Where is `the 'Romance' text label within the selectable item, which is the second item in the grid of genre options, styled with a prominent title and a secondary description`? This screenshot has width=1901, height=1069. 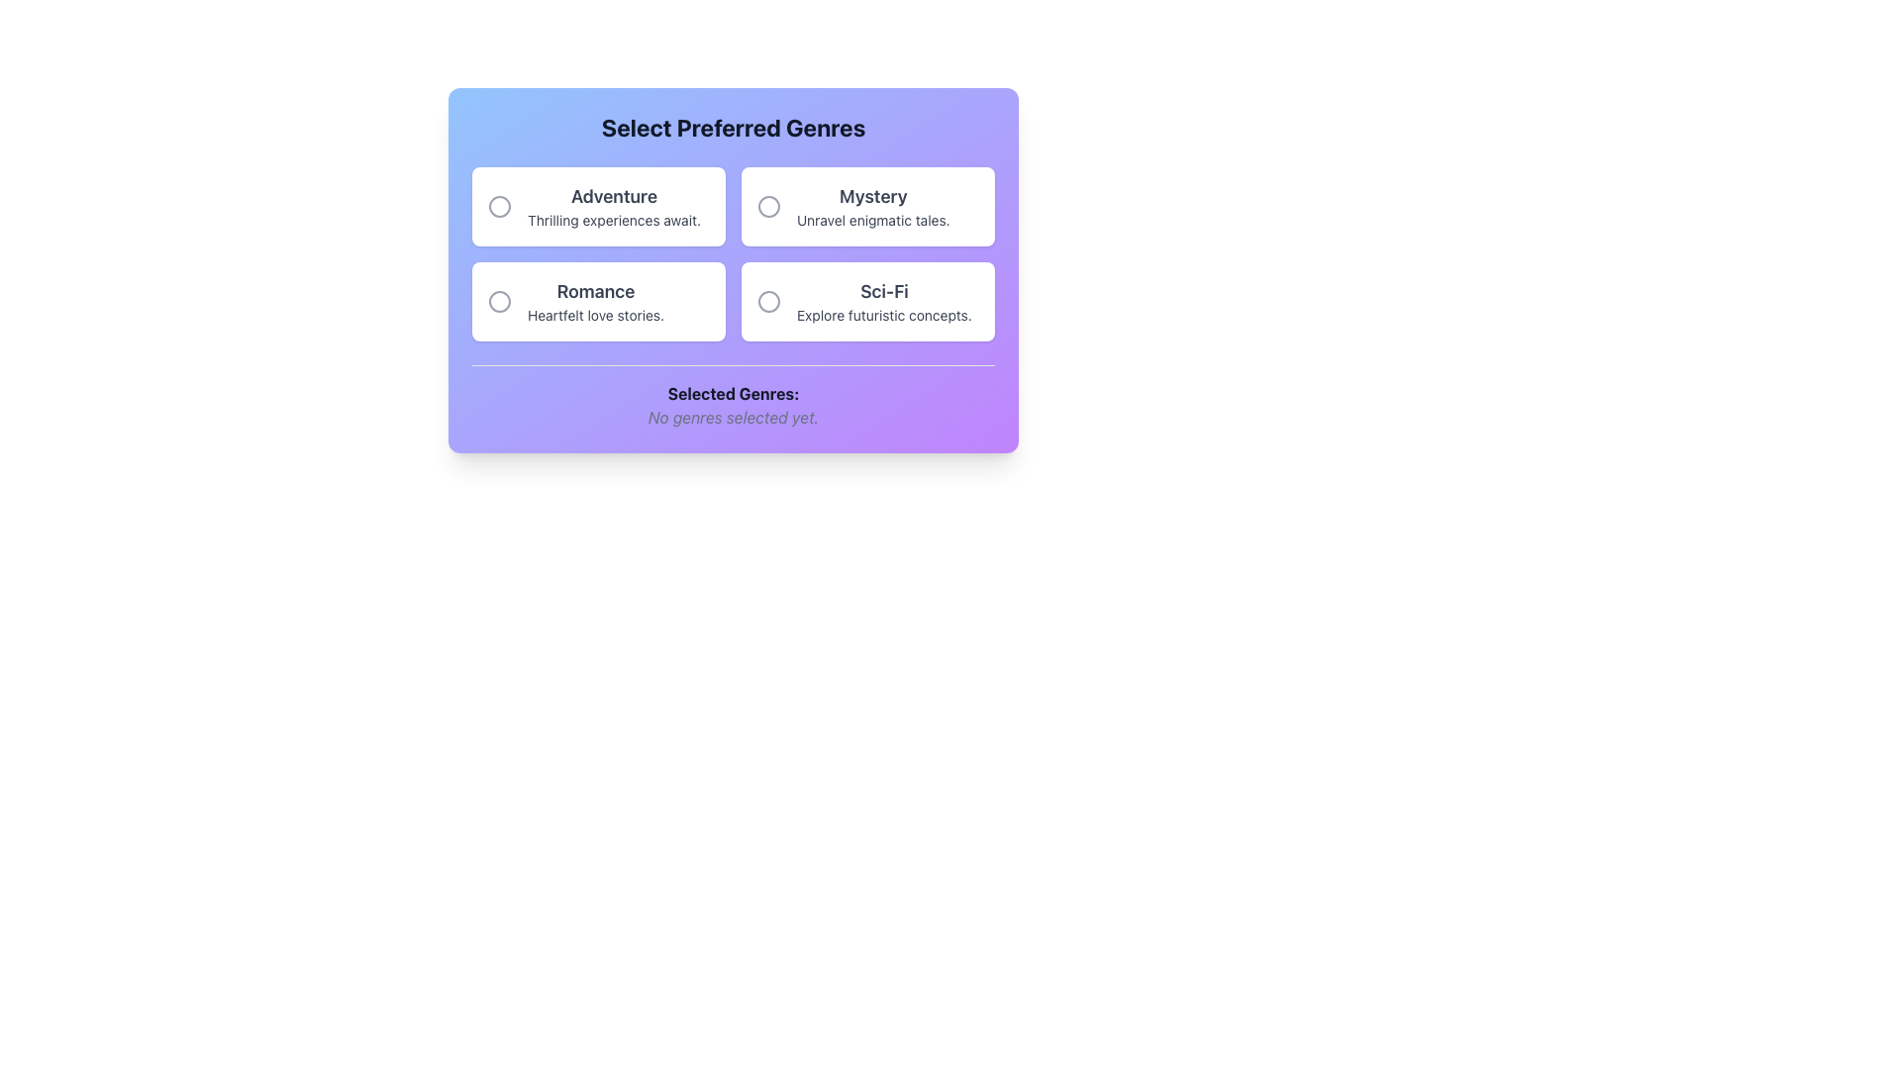
the 'Romance' text label within the selectable item, which is the second item in the grid of genre options, styled with a prominent title and a secondary description is located at coordinates (595, 301).